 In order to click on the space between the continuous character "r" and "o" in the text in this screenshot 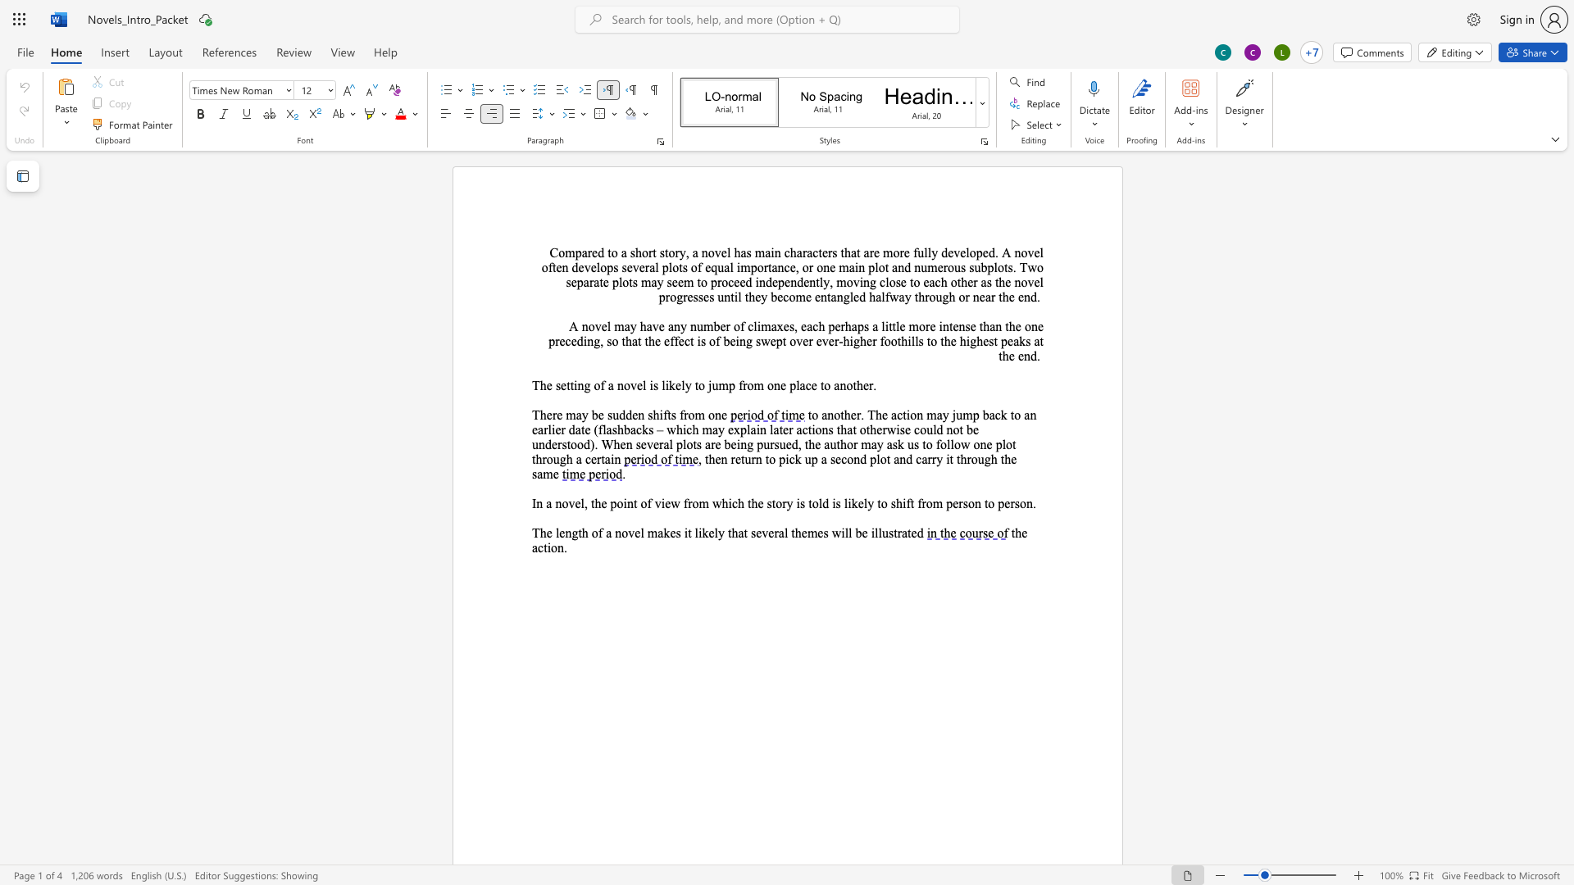, I will do `click(747, 385)`.